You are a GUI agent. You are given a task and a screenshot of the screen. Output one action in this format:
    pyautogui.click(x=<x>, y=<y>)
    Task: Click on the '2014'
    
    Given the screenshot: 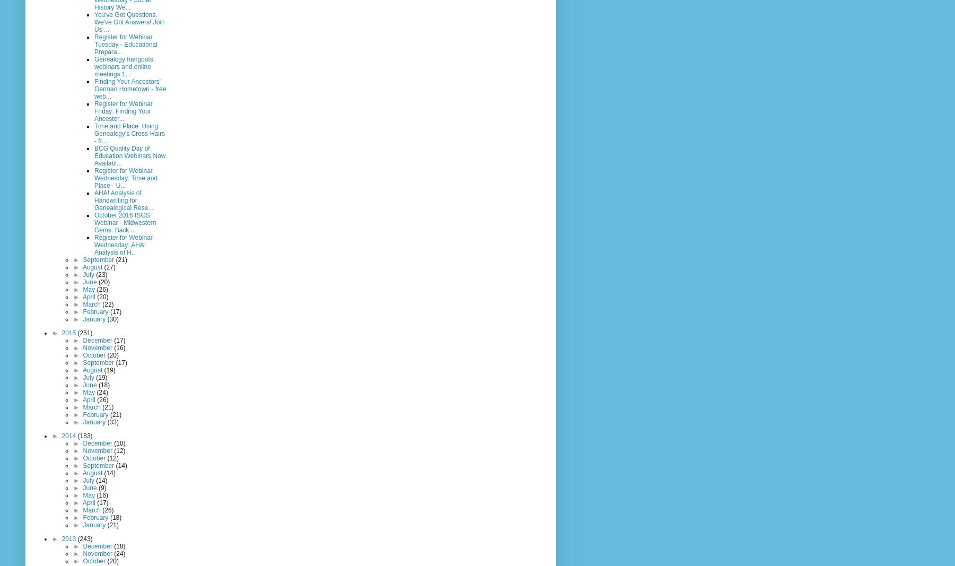 What is the action you would take?
    pyautogui.click(x=61, y=434)
    